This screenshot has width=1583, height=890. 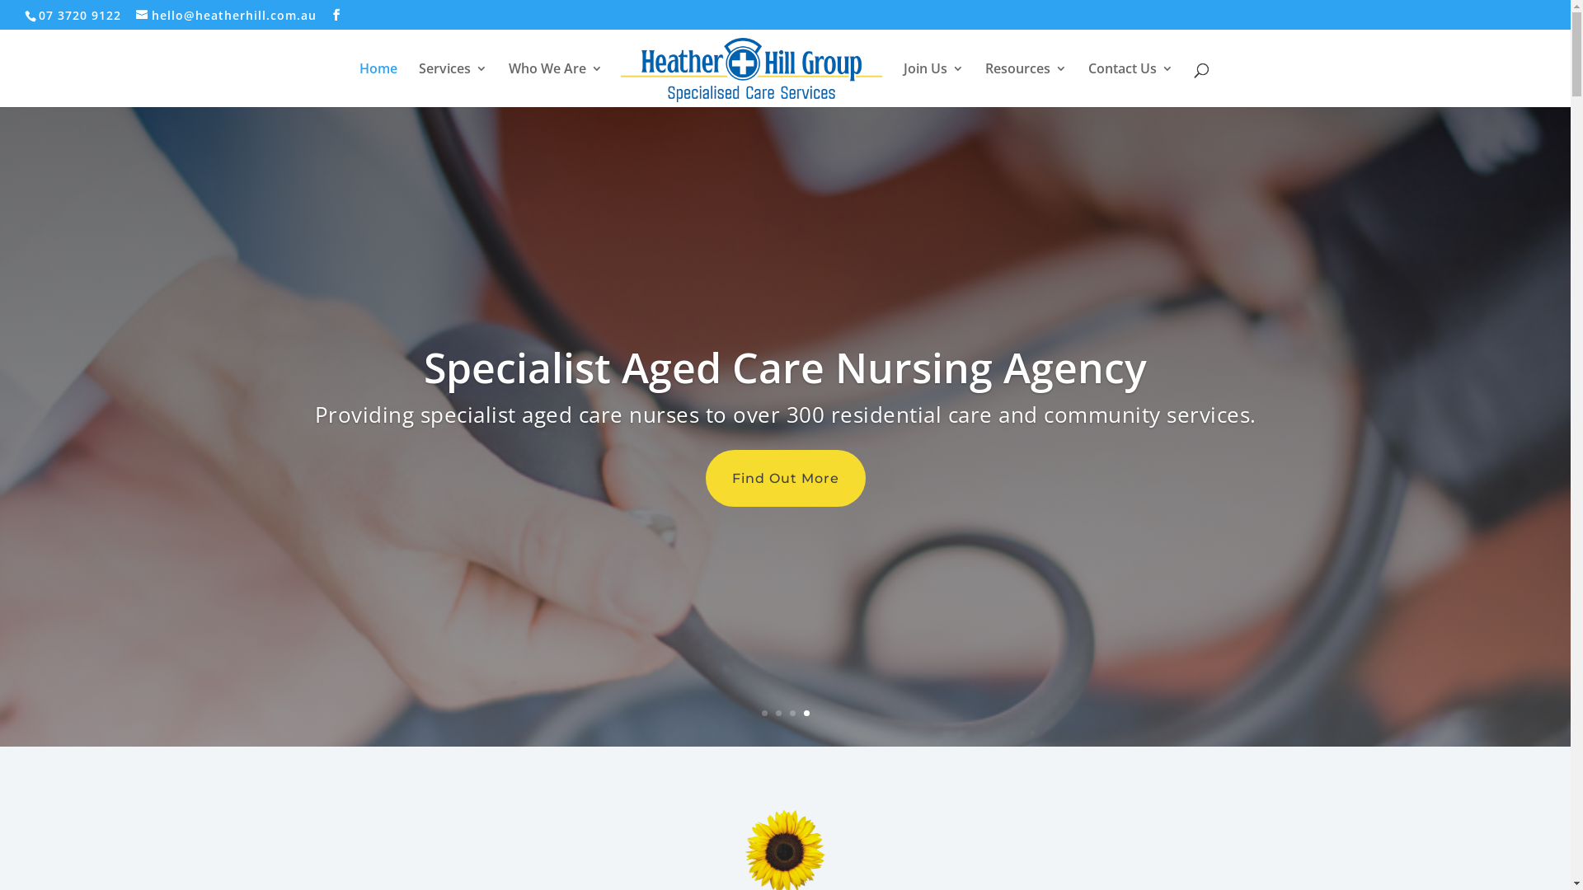 What do you see at coordinates (933, 85) in the screenshot?
I see `'Join Us'` at bounding box center [933, 85].